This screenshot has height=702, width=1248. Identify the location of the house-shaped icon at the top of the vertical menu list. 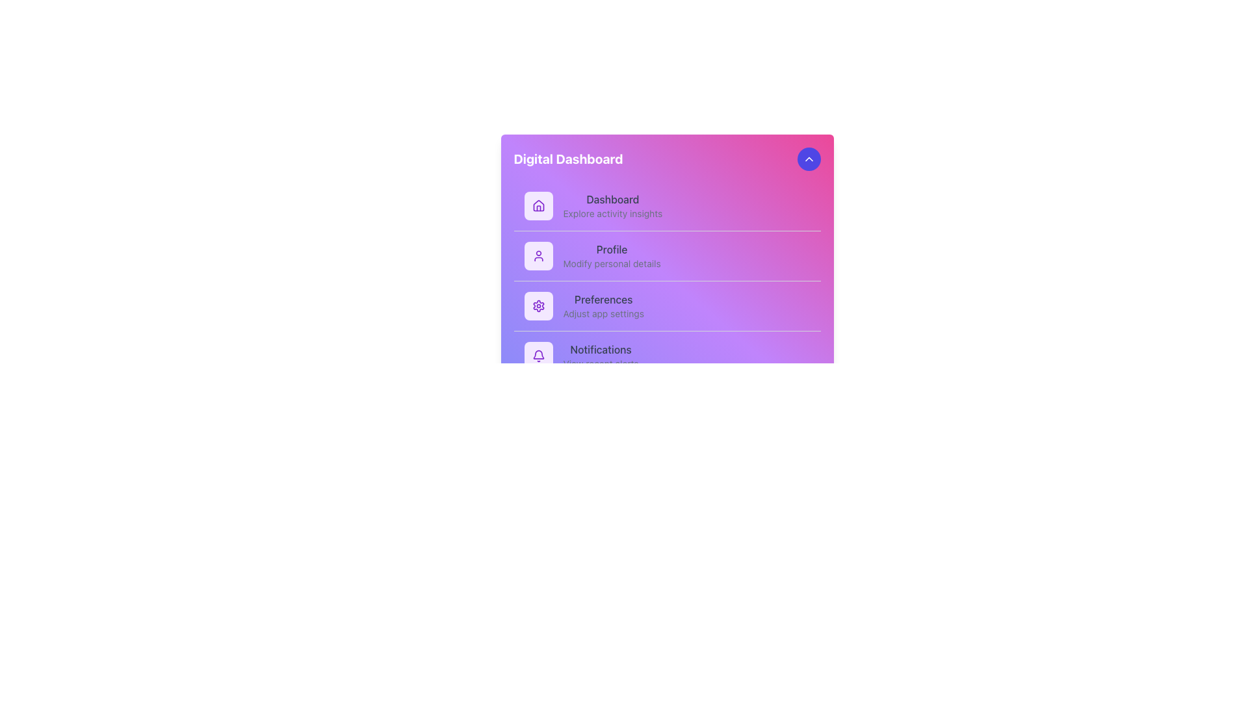
(538, 205).